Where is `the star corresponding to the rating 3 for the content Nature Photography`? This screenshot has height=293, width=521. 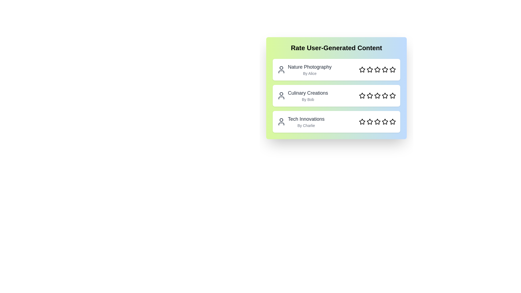 the star corresponding to the rating 3 for the content Nature Photography is located at coordinates (377, 69).